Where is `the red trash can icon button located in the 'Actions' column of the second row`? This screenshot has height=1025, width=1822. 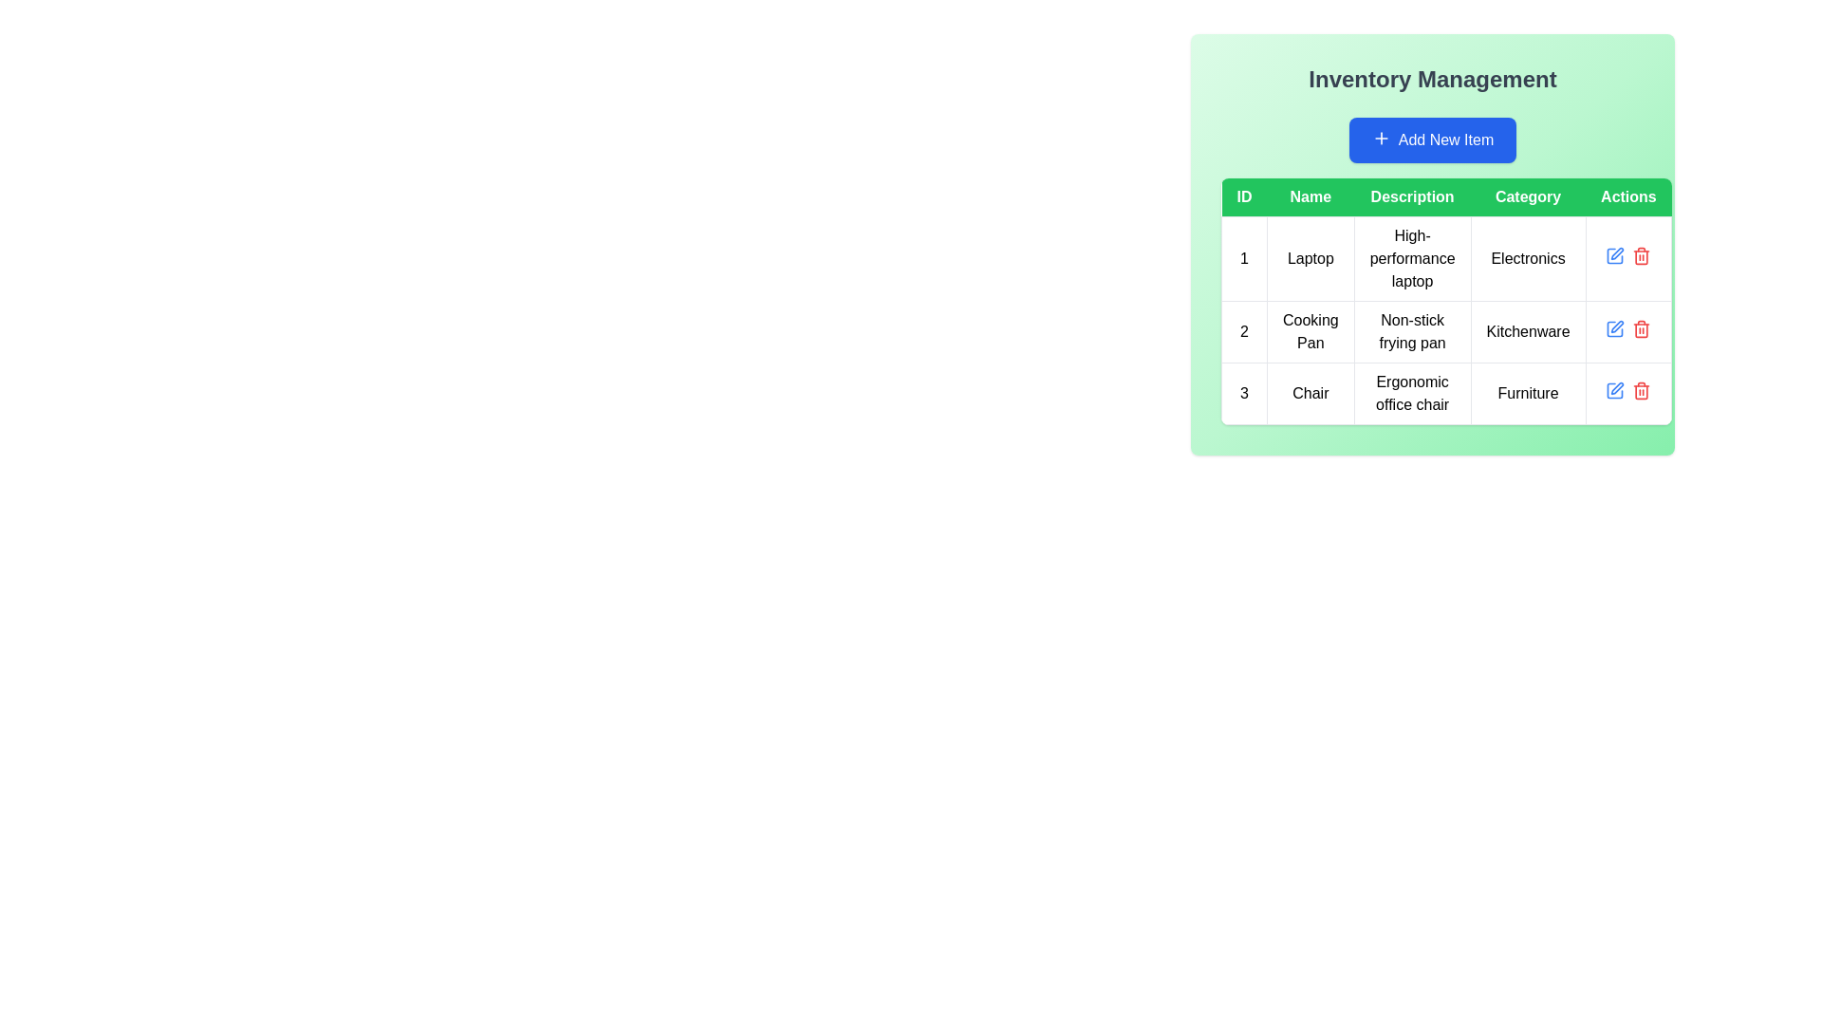
the red trash can icon button located in the 'Actions' column of the second row is located at coordinates (1641, 327).